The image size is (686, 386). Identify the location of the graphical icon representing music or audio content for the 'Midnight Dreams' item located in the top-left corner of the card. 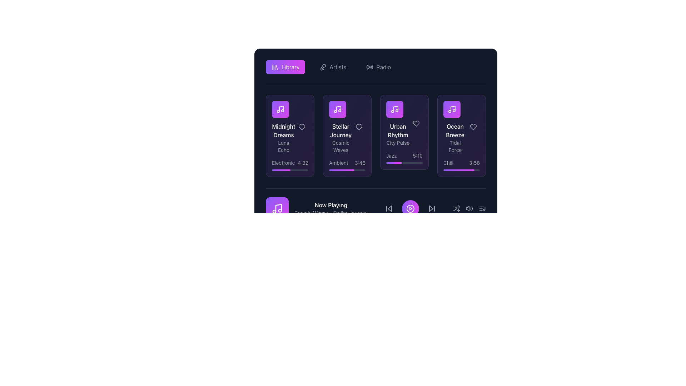
(280, 109).